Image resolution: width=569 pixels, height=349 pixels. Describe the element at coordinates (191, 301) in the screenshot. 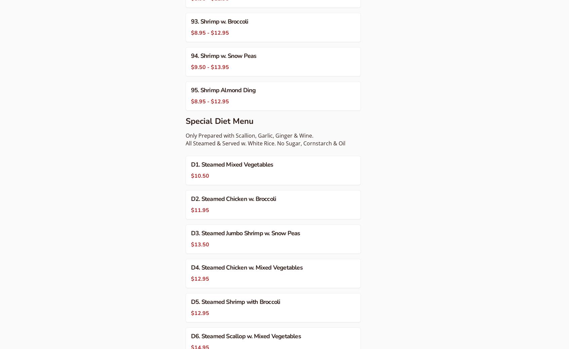

I see `'D5. Steamed Shrimp with Broccoli'` at that location.